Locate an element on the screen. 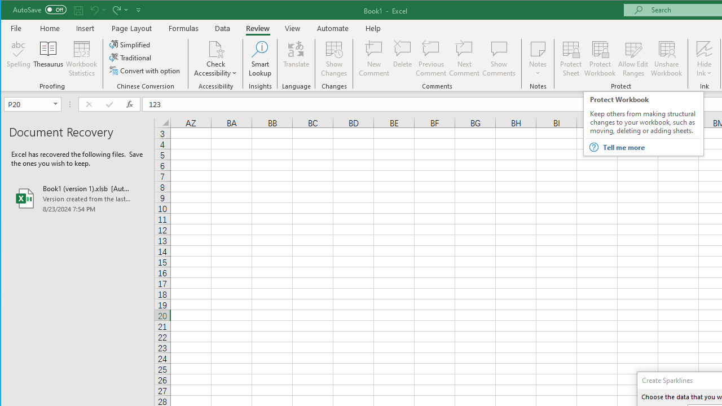 The height and width of the screenshot is (406, 722). 'Spelling...' is located at coordinates (19, 59).